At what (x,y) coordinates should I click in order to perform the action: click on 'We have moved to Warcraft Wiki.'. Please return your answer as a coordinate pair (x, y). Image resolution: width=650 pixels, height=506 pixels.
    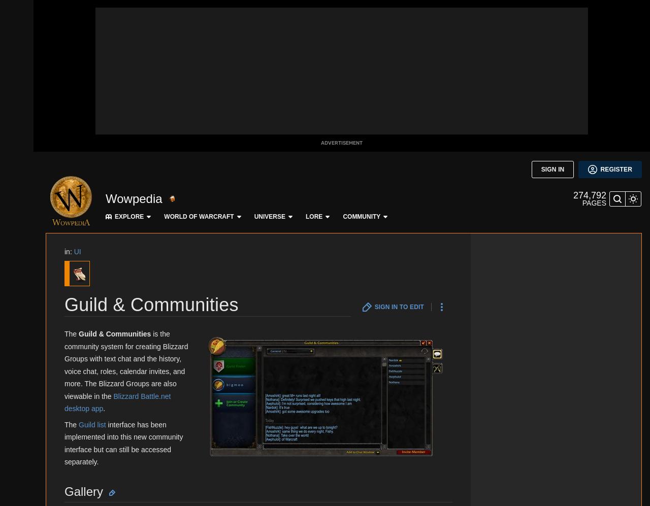
    Looking at the image, I should click on (109, 471).